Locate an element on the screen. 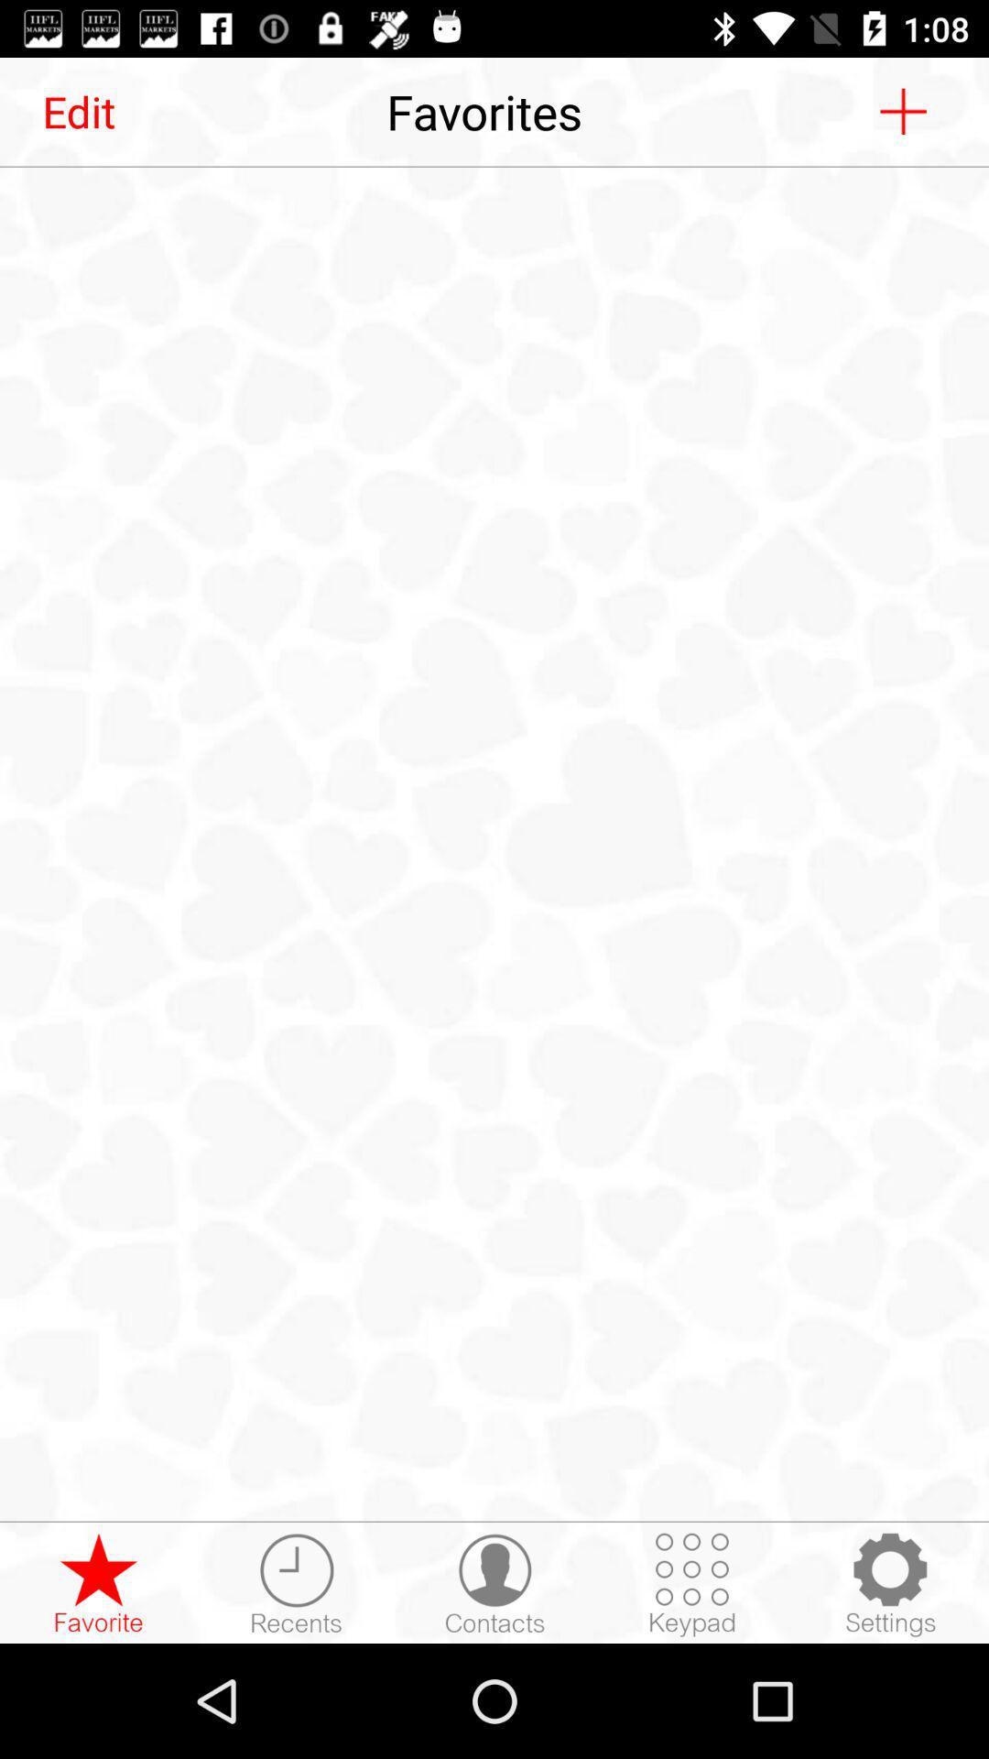  keypad input is located at coordinates (692, 1583).